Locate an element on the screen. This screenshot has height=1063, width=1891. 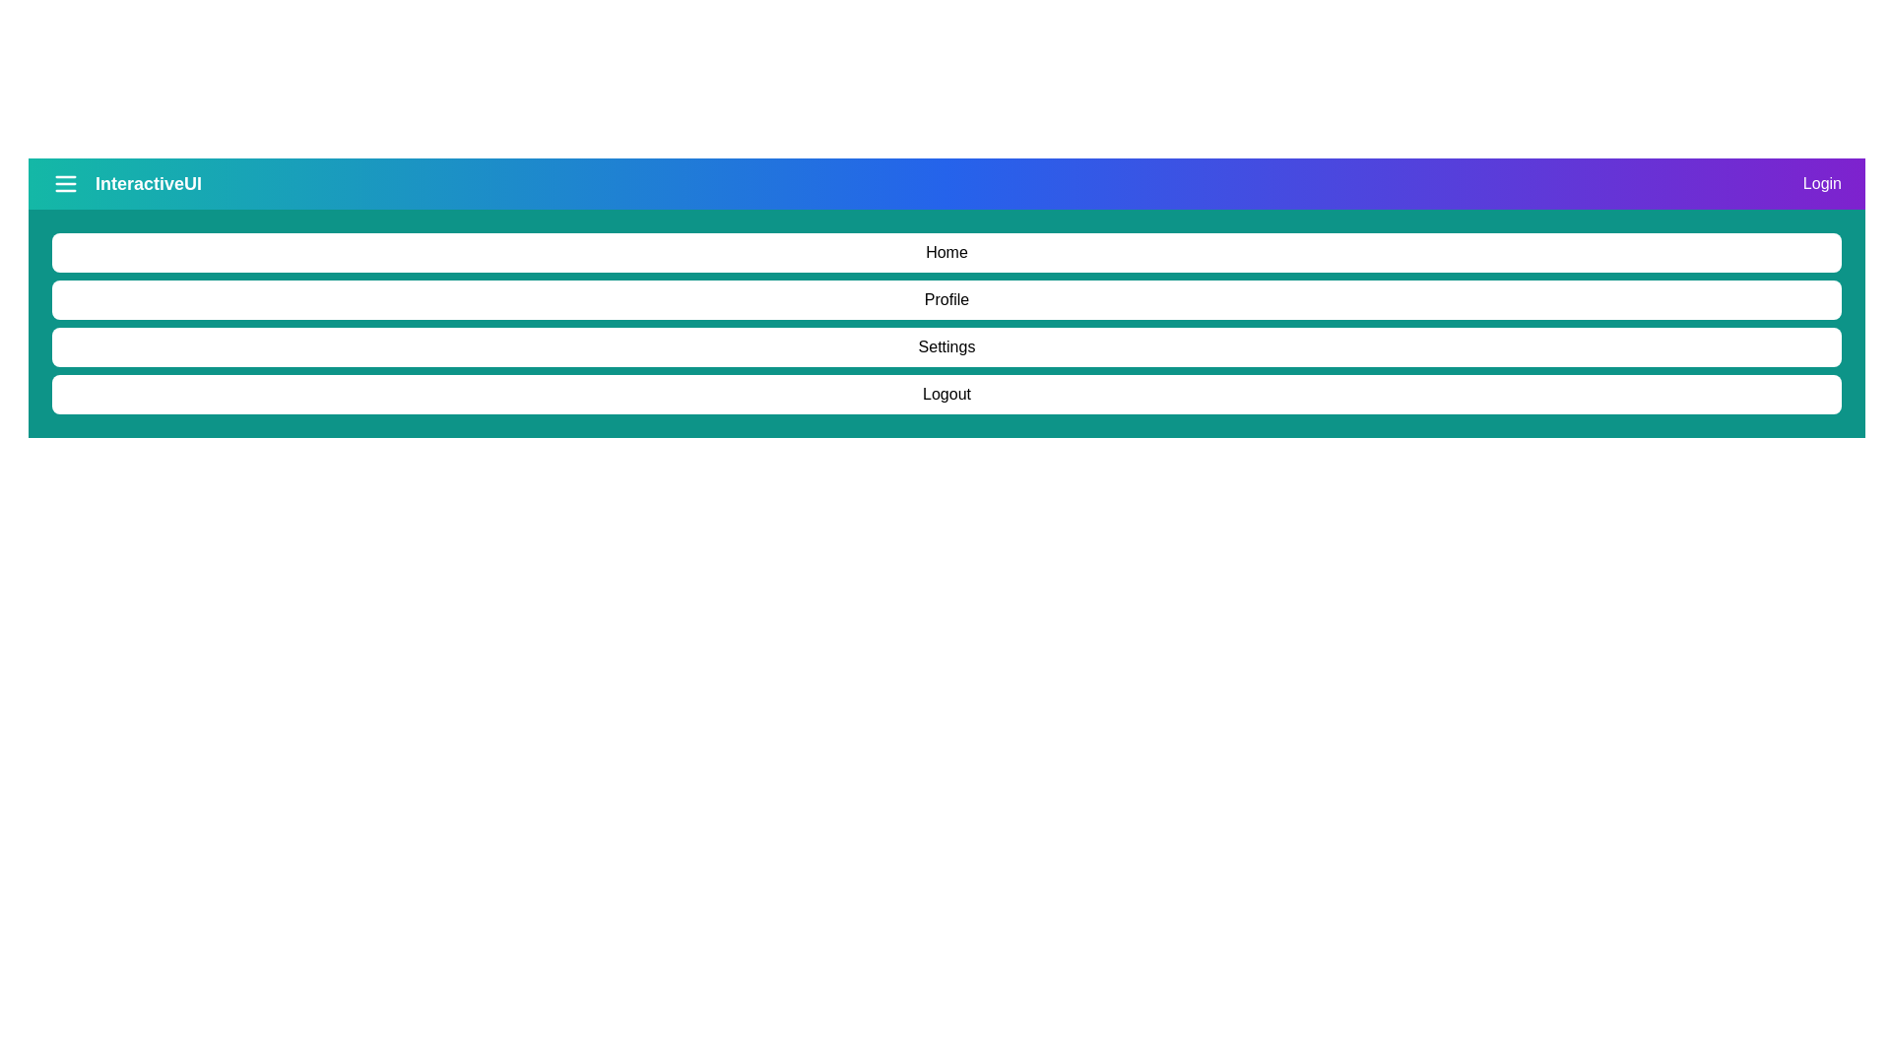
the menu icon to toggle the navigation menu is located at coordinates (66, 183).